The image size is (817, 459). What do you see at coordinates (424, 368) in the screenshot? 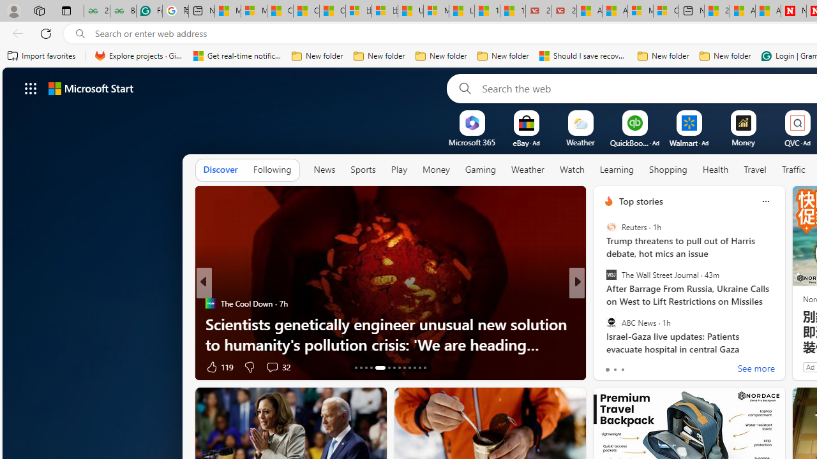
I see `'AutomationID: tab-25'` at bounding box center [424, 368].